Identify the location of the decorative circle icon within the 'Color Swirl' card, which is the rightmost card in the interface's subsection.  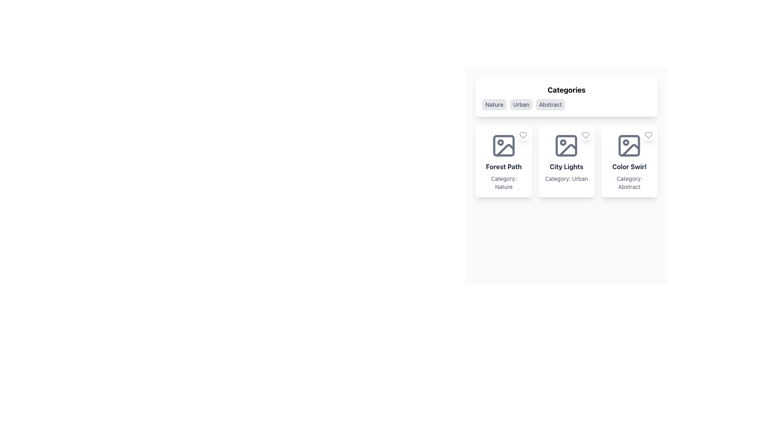
(626, 142).